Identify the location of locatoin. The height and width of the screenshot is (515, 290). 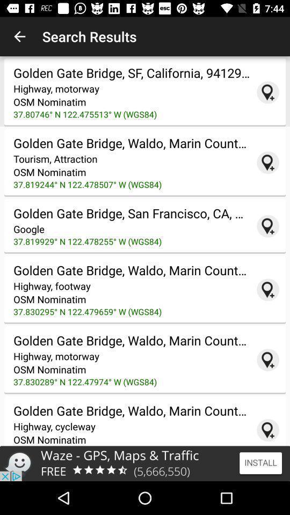
(267, 92).